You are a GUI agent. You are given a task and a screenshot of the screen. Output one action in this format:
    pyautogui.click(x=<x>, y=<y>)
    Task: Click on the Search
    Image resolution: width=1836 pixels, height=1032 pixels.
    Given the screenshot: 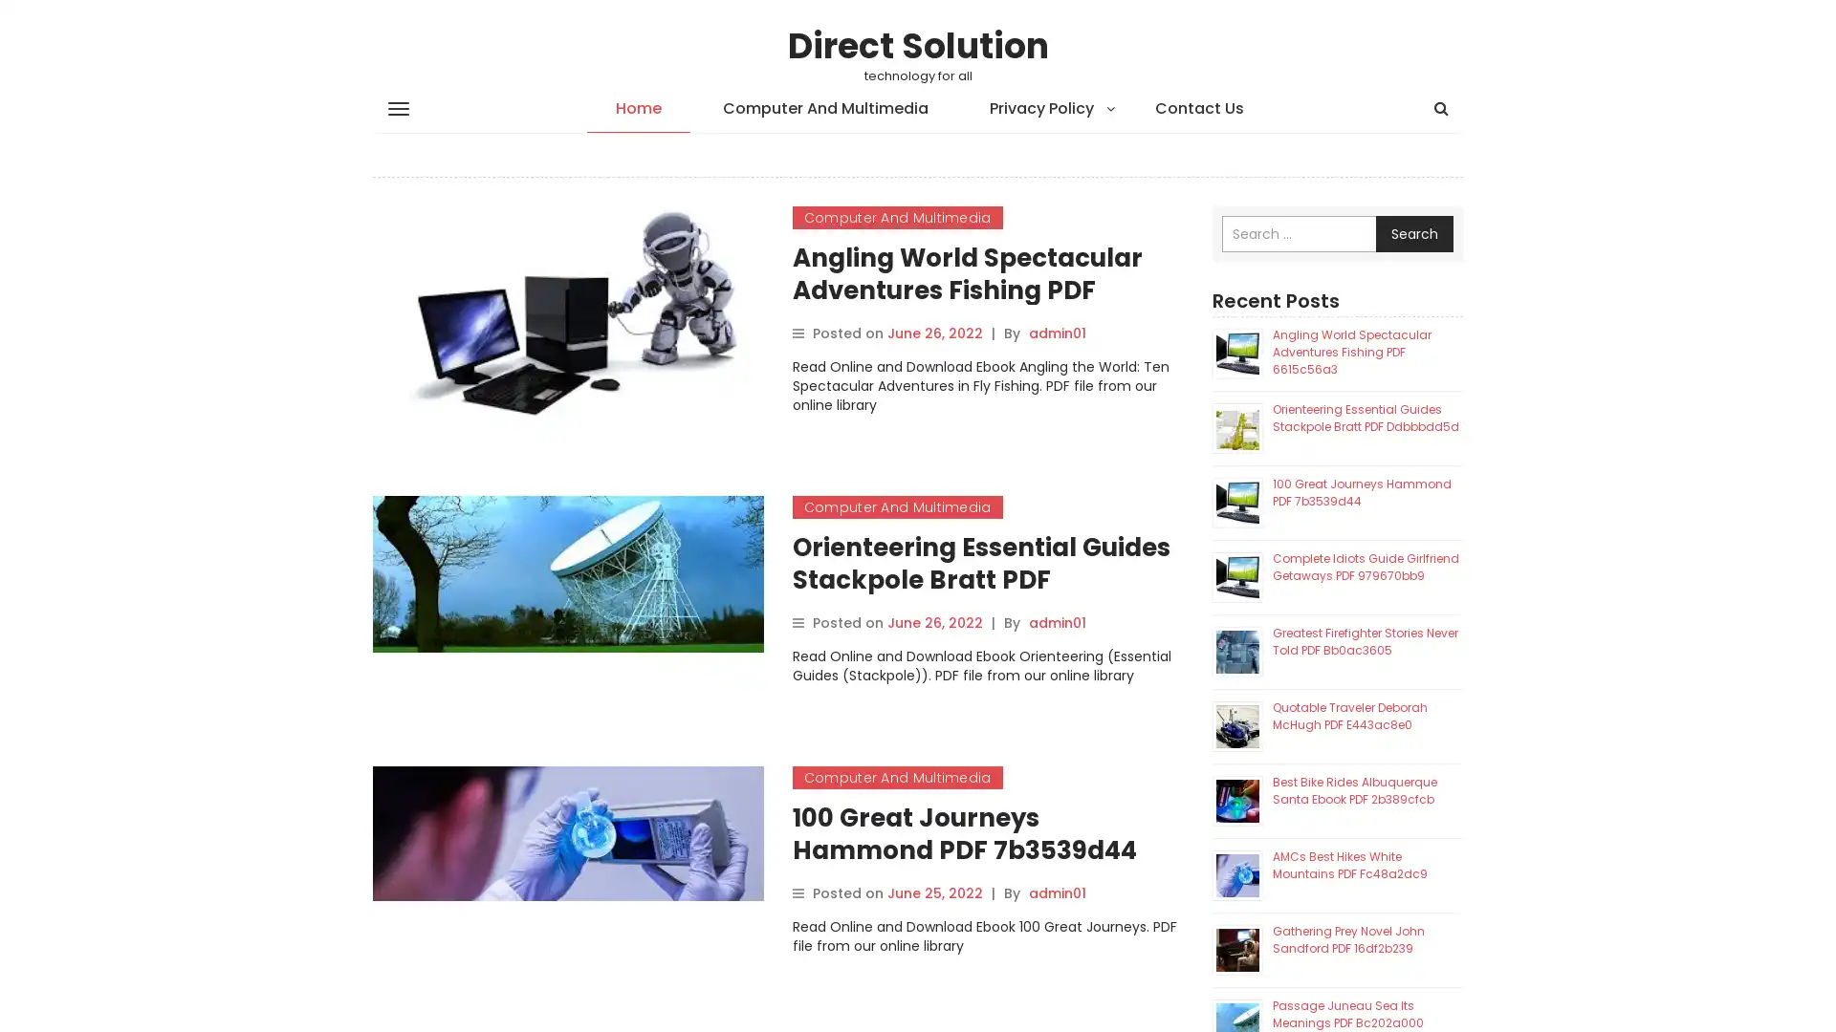 What is the action you would take?
    pyautogui.click(x=1414, y=233)
    